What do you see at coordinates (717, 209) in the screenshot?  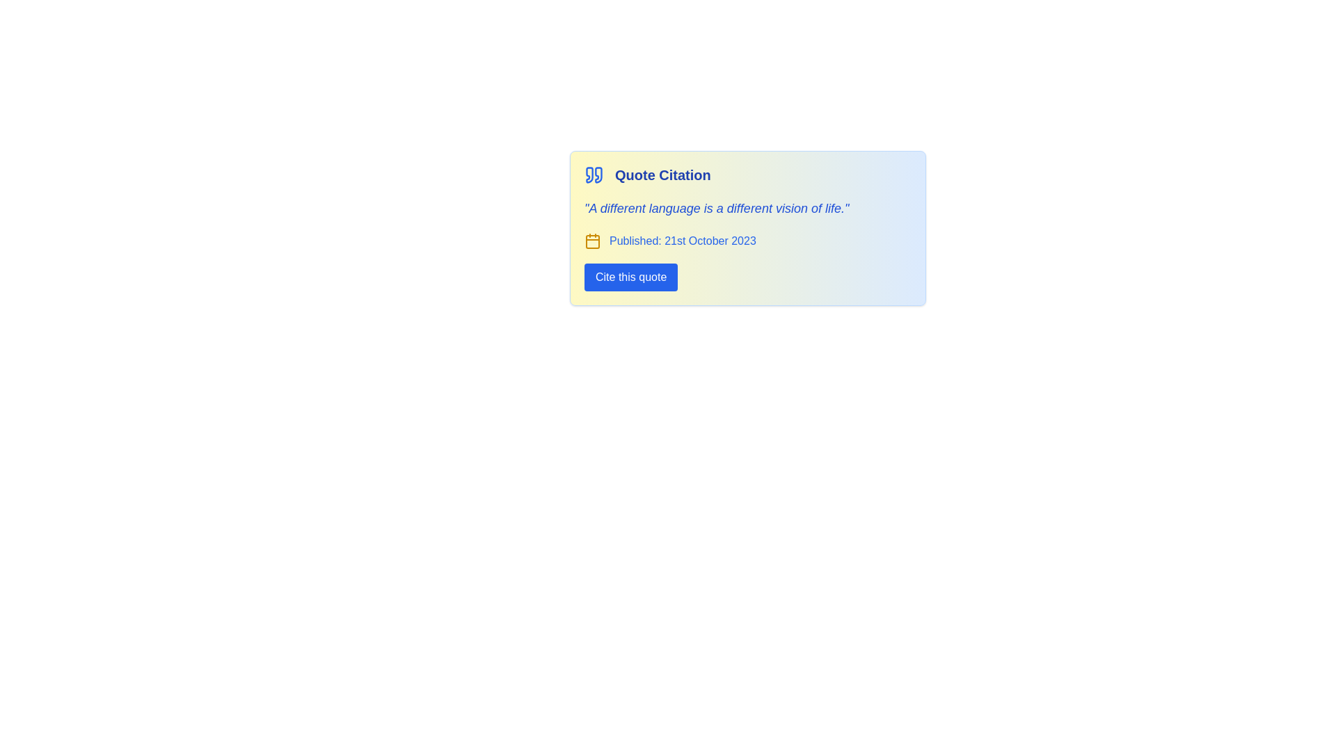 I see `the italicized blue text displaying the quote 'A different language is a different vision of life.' which is located below the heading 'Quote Citation.'` at bounding box center [717, 209].